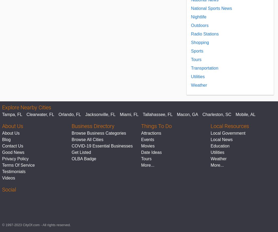 Image resolution: width=278 pixels, height=232 pixels. What do you see at coordinates (141, 139) in the screenshot?
I see `'Events'` at bounding box center [141, 139].